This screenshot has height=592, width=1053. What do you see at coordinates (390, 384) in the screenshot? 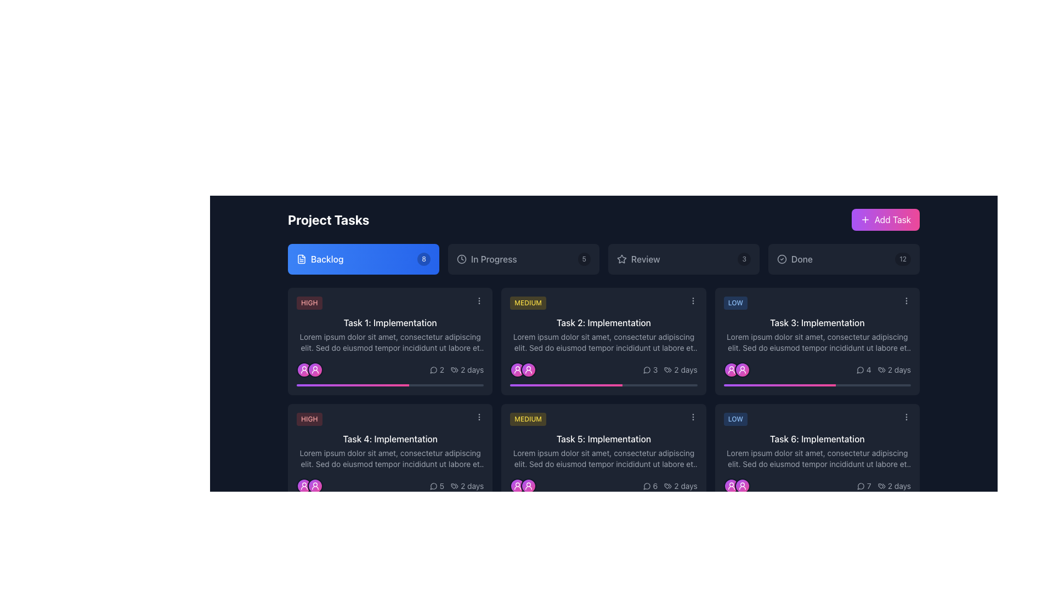
I see `the progress bar located at the bottom of the card labeled 'Task 1: Implementation' in the 'Backlog' section of the project tasks interface` at bounding box center [390, 384].